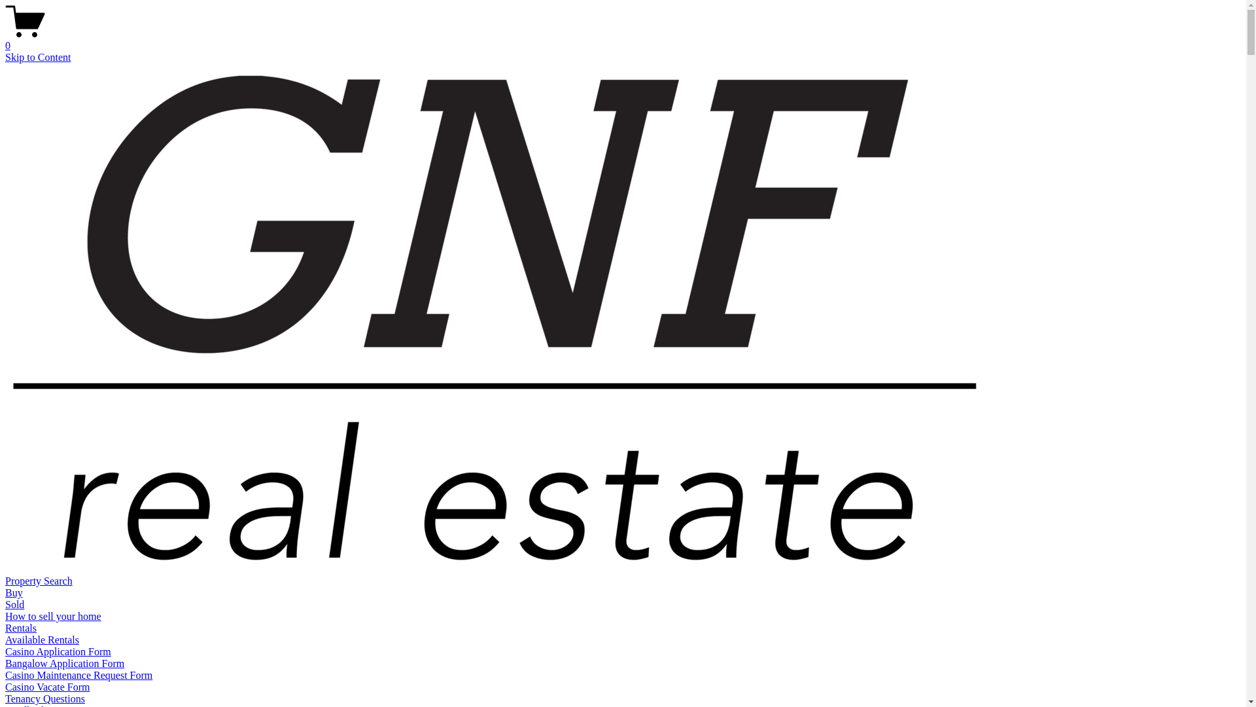  What do you see at coordinates (14, 604) in the screenshot?
I see `'Sold'` at bounding box center [14, 604].